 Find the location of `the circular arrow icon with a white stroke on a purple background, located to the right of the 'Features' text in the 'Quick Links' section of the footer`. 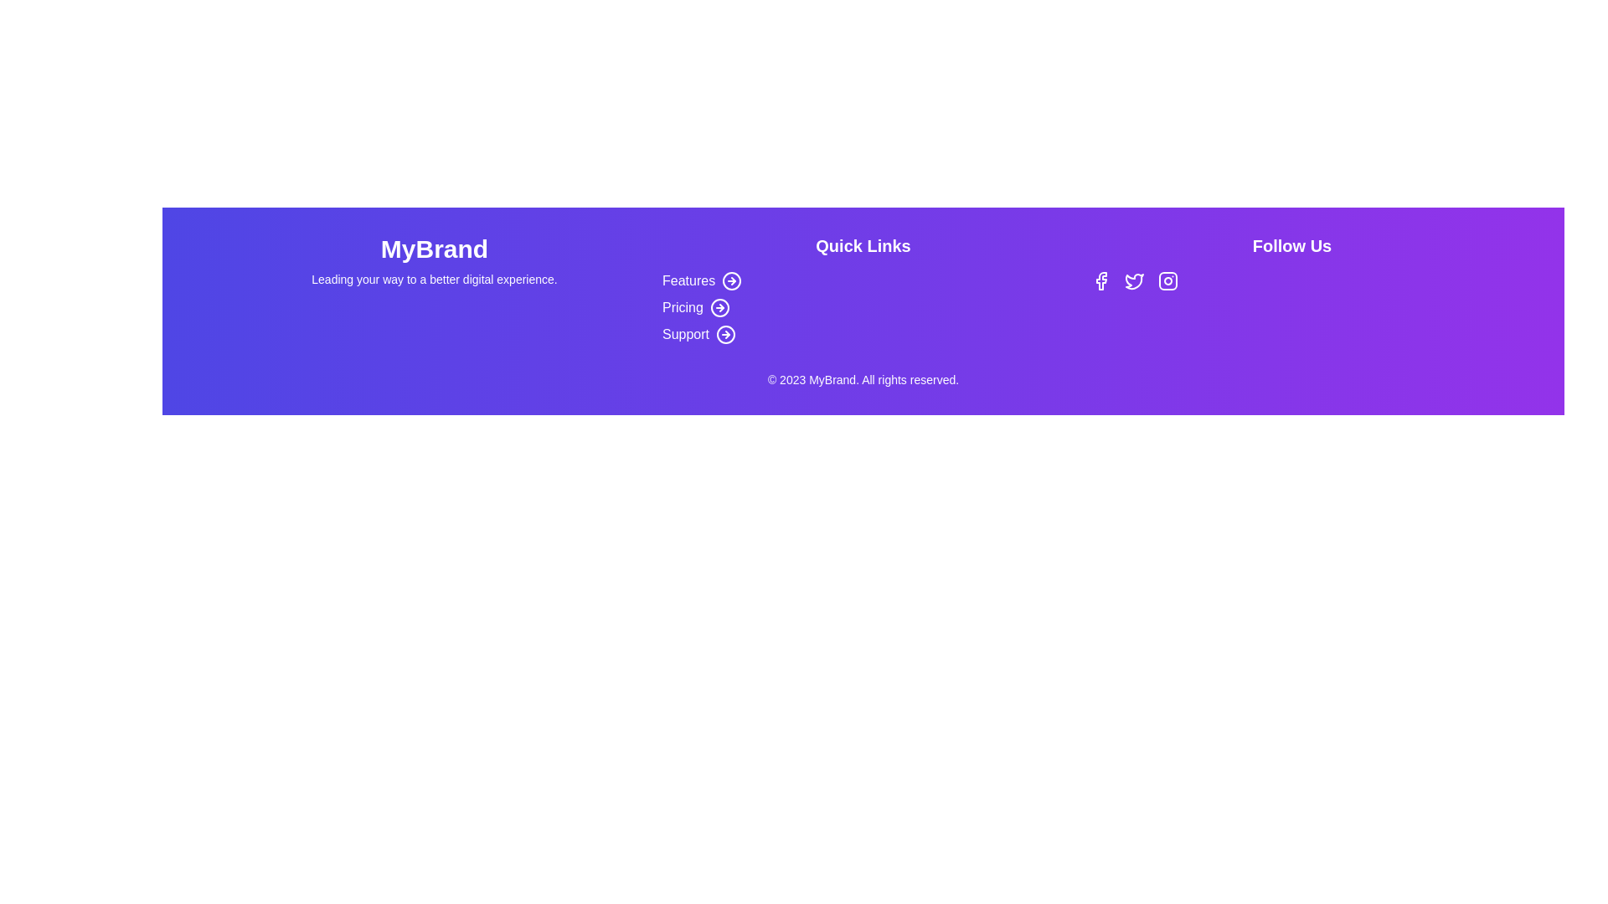

the circular arrow icon with a white stroke on a purple background, located to the right of the 'Features' text in the 'Quick Links' section of the footer is located at coordinates (732, 280).